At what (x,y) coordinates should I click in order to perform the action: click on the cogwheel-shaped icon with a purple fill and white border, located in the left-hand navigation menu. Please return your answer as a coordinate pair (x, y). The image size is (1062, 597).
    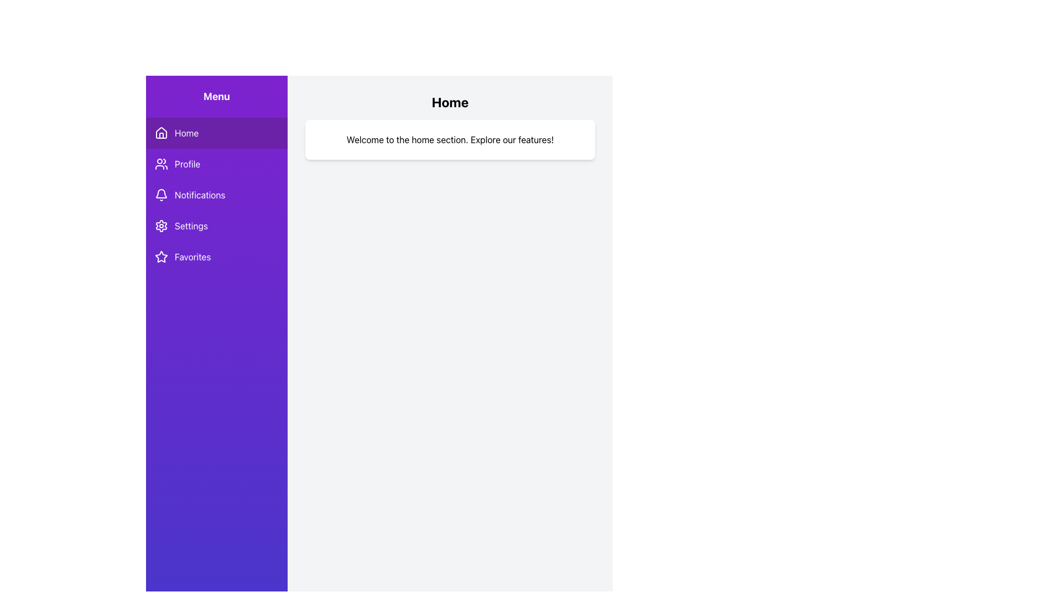
    Looking at the image, I should click on (161, 225).